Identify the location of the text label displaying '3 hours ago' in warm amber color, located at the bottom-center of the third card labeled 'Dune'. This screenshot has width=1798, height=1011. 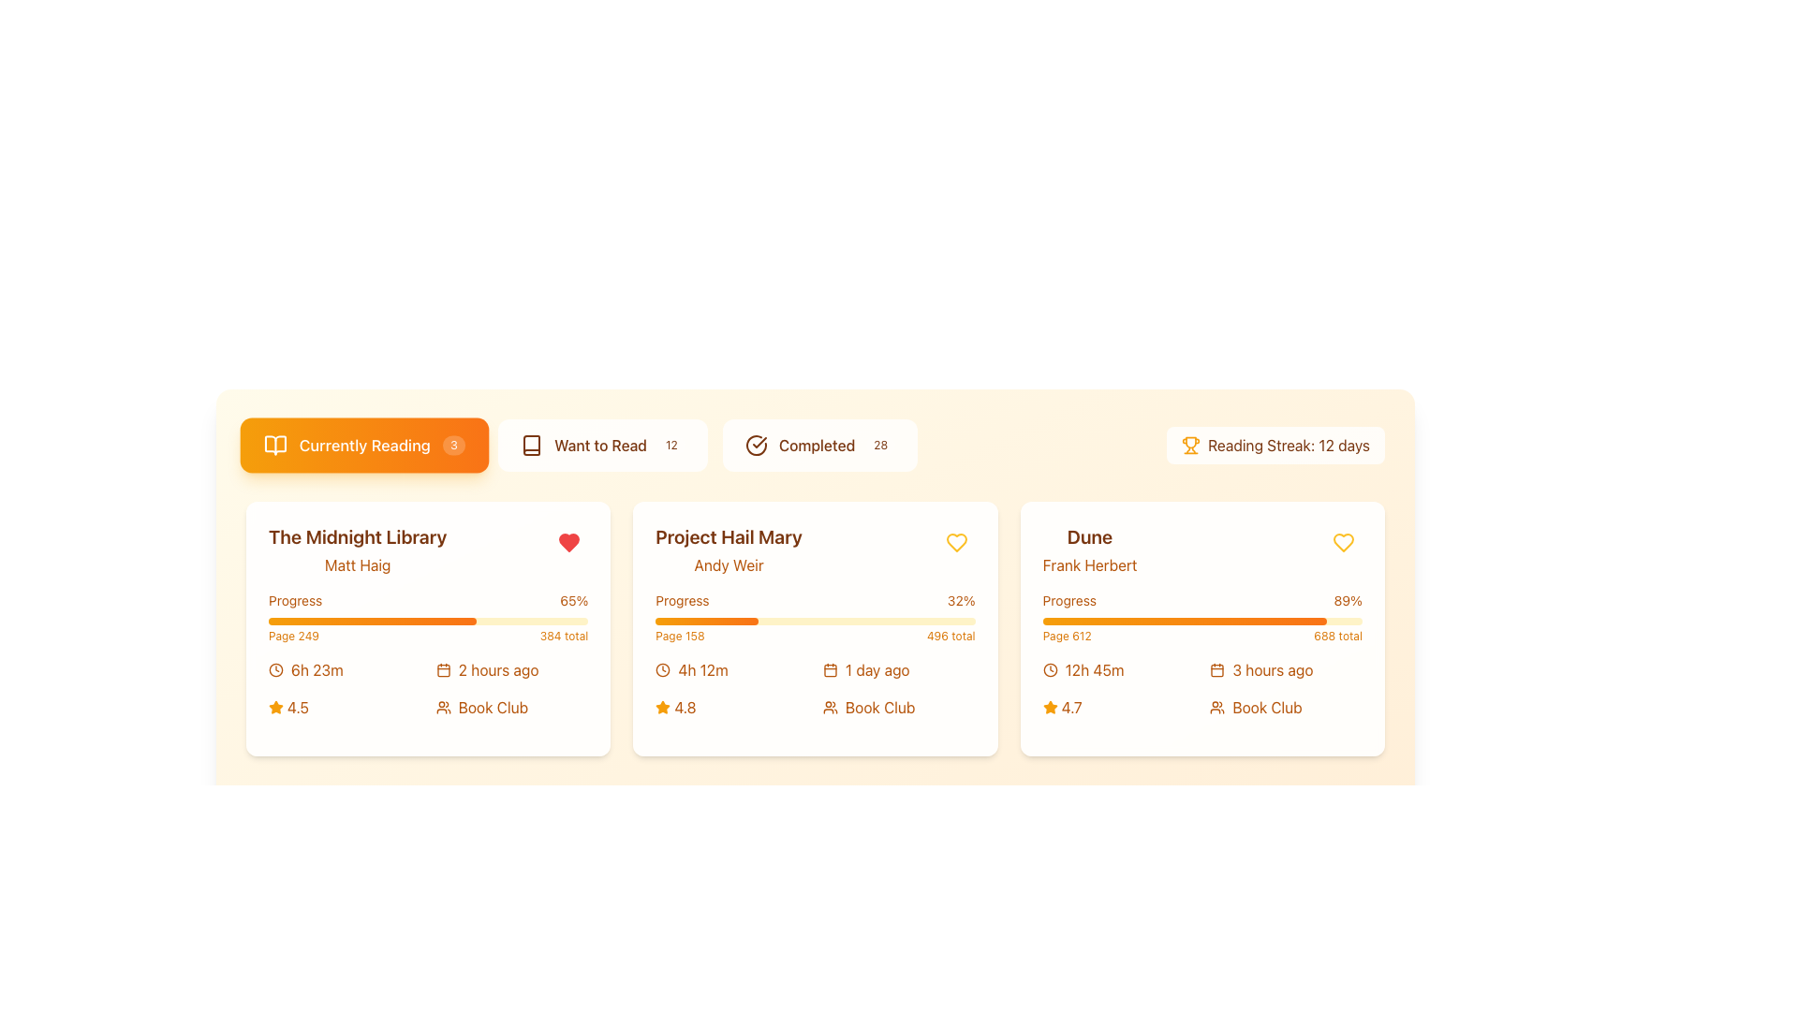
(1273, 669).